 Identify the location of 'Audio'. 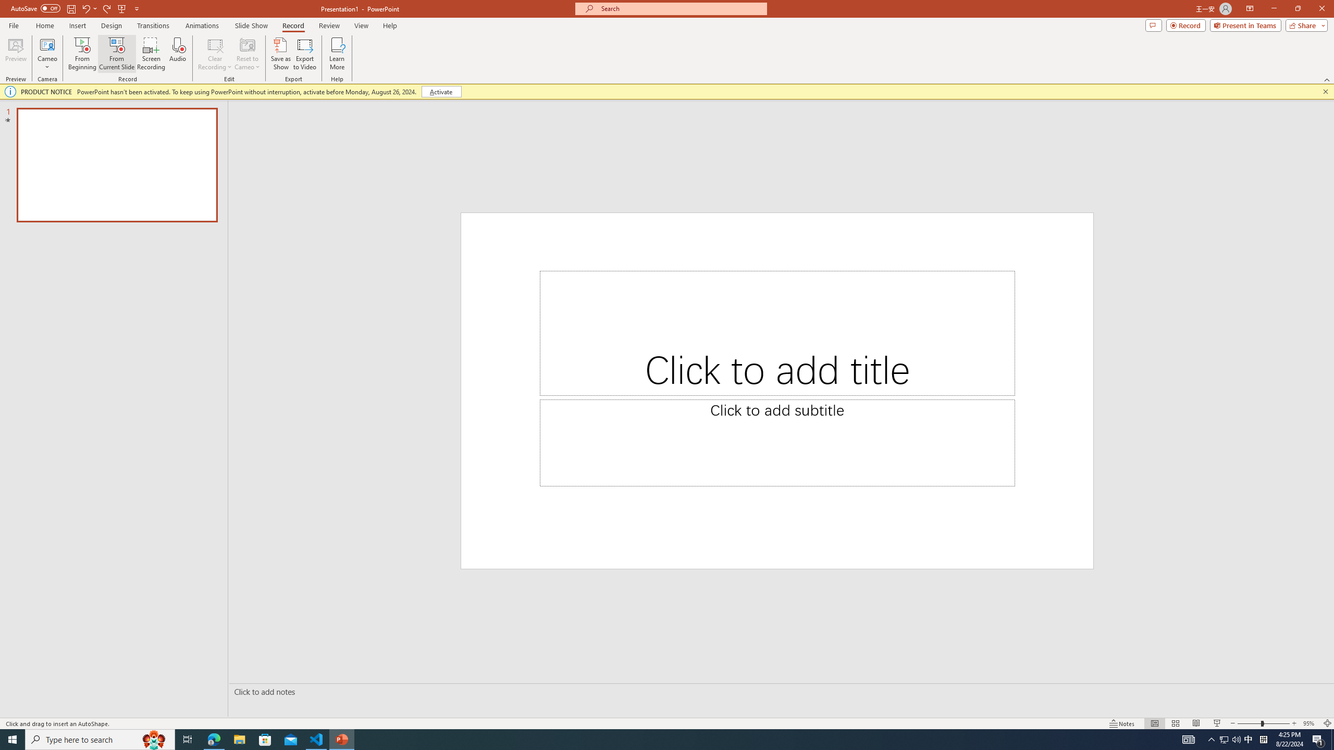
(177, 54).